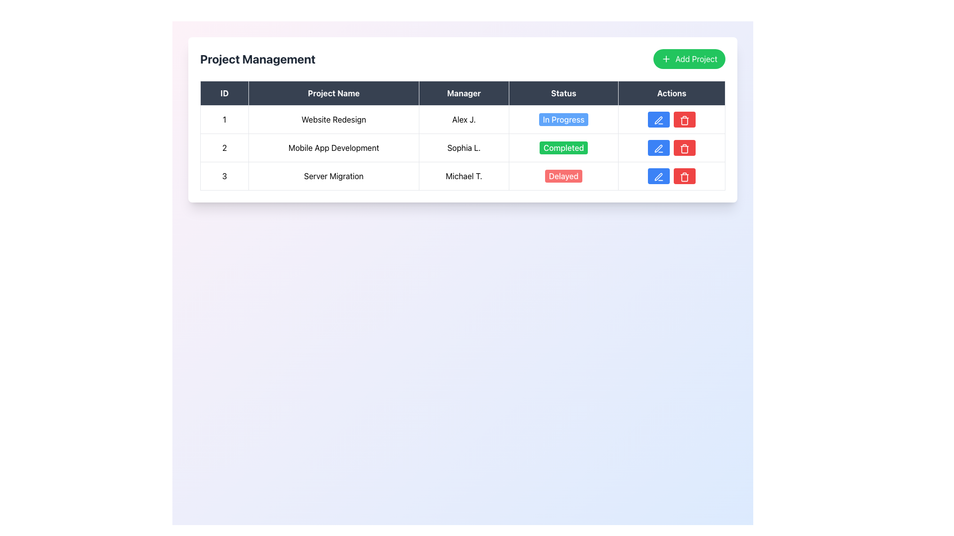  I want to click on the 'Edit' button in the 'Actions' column of the last row corresponding to the 'Server Migration' entry to observe any visual feedback, so click(659, 175).